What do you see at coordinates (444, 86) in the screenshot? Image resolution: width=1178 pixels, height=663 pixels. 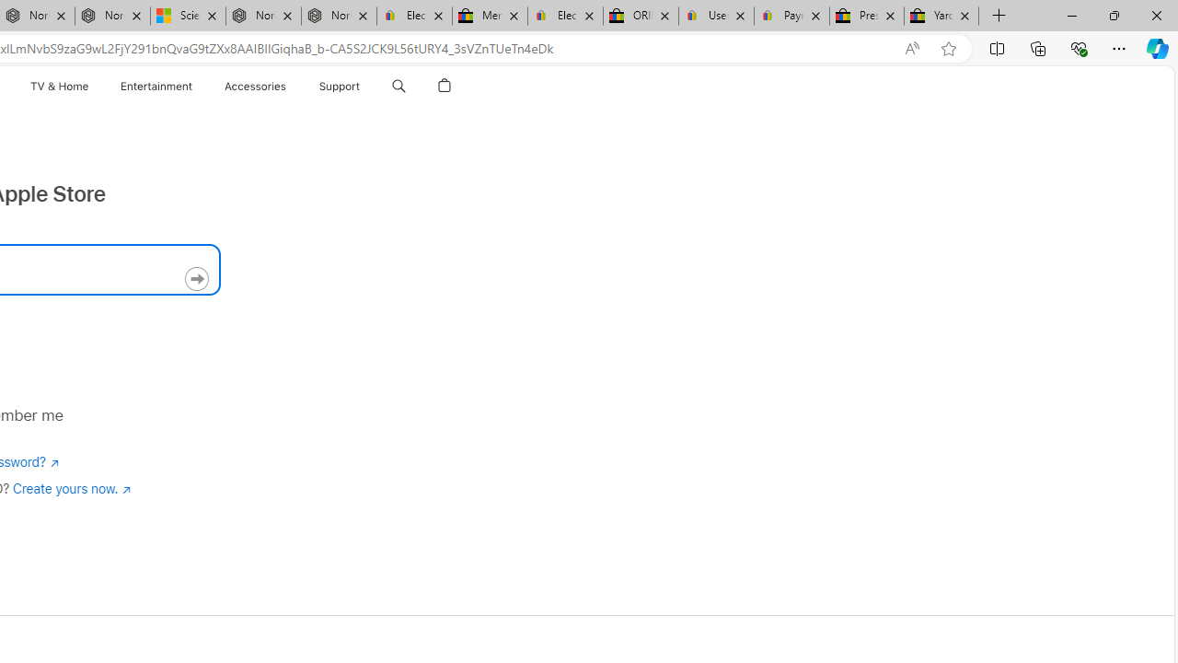 I see `'AutomationID: globalnav-bag'` at bounding box center [444, 86].